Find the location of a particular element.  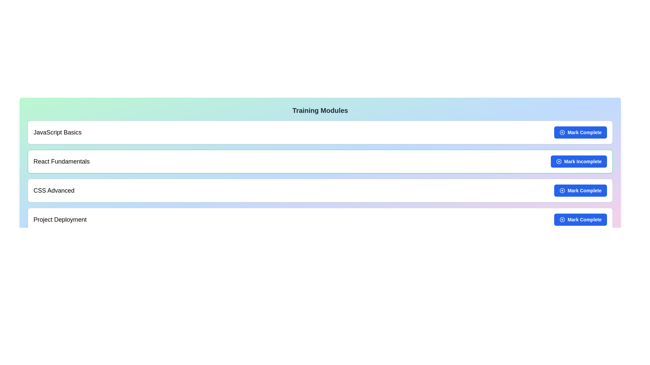

the button with the blue background and white text reading 'Mark Incomplete', which features a crossed circle icon is located at coordinates (578, 162).